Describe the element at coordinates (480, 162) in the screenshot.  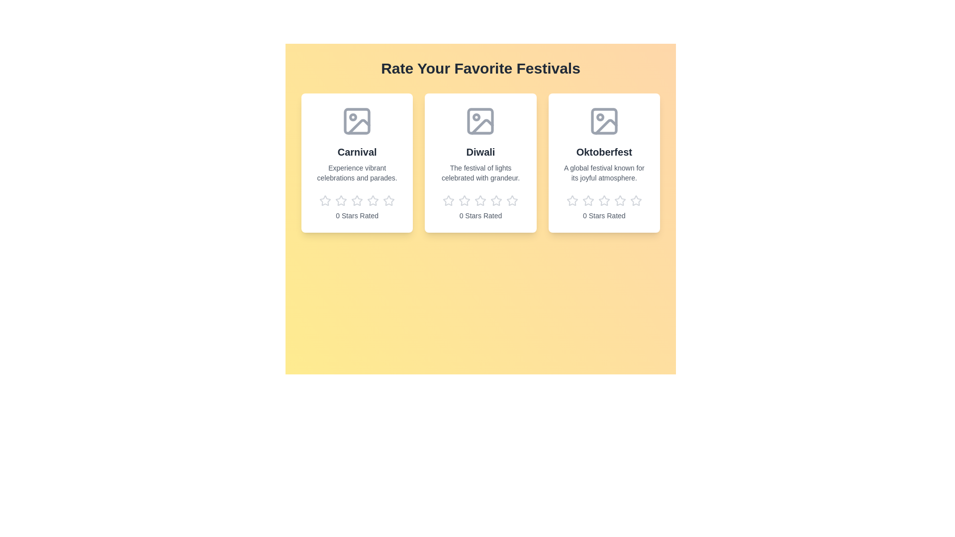
I see `the festival card for Diwali to observe hover effects` at that location.